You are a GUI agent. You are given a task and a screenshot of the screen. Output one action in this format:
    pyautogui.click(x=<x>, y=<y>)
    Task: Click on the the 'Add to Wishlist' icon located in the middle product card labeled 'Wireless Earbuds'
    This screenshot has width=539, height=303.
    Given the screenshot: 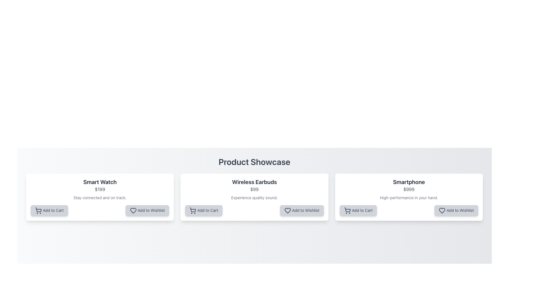 What is the action you would take?
    pyautogui.click(x=287, y=211)
    